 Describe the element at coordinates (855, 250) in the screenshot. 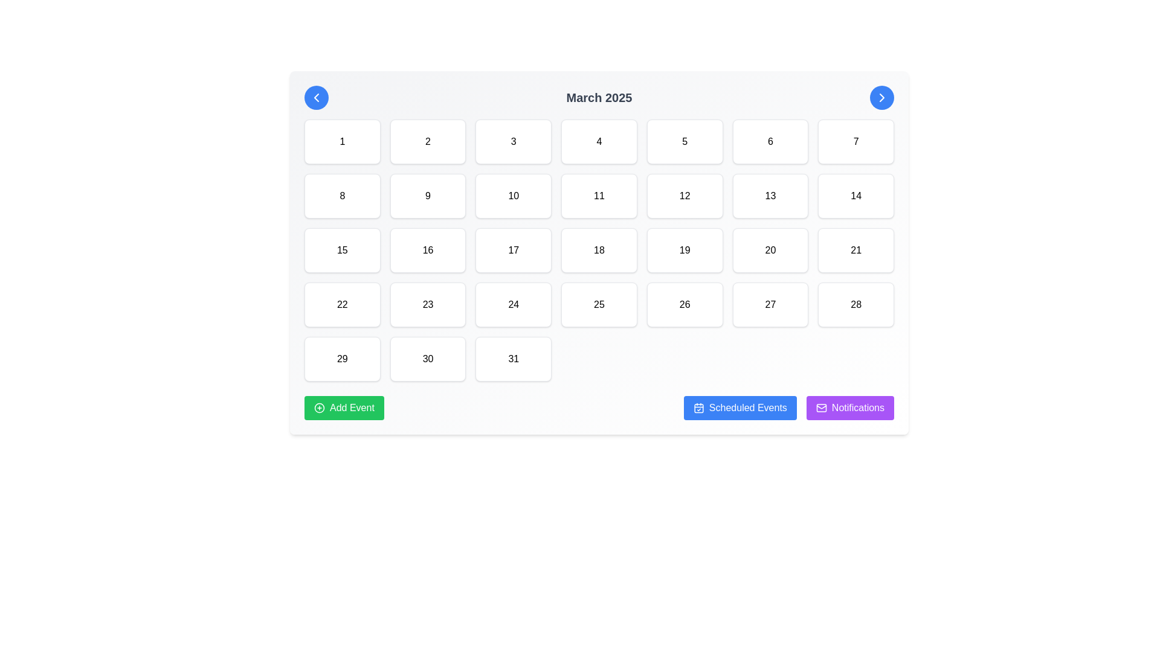

I see `the static display box showing the number '21' in bold, located in the third row and seventh column of the grid layout` at that location.